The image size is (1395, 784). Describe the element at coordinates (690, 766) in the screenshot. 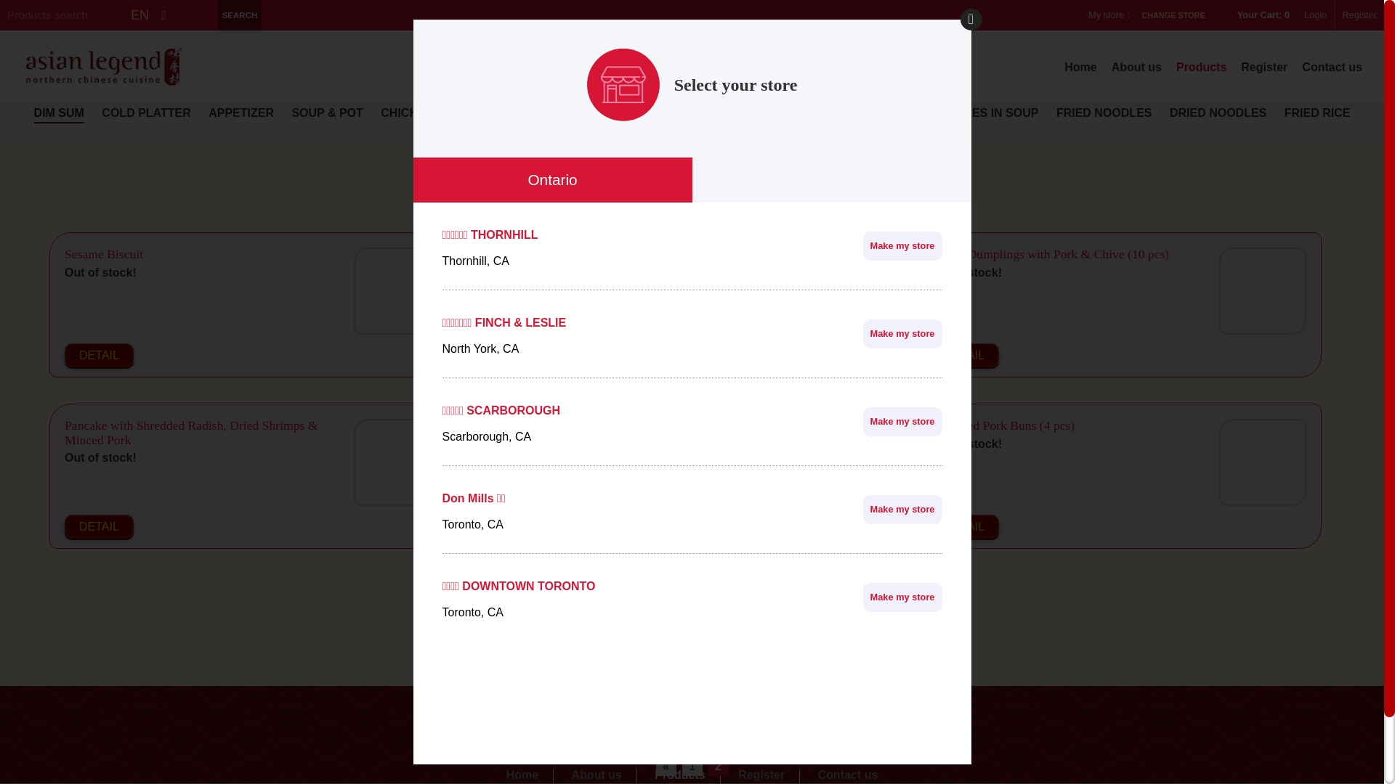

I see `'1'` at that location.